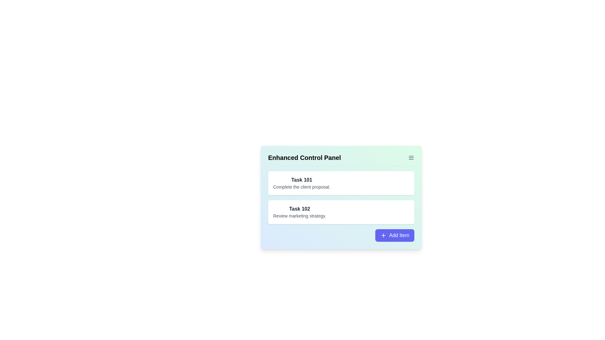 The height and width of the screenshot is (340, 605). Describe the element at coordinates (299, 209) in the screenshot. I see `text from the text label that identifies the task labeled 'Task 102', which is located in the task list as the second task` at that location.